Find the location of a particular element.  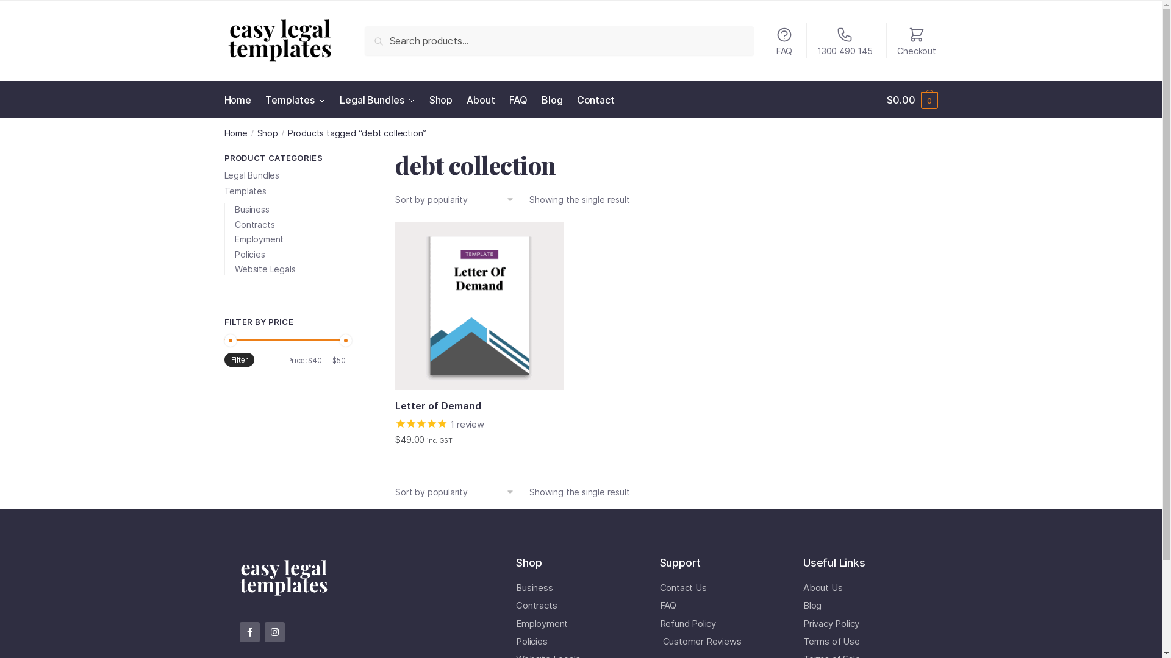

'FAQ' is located at coordinates (518, 99).